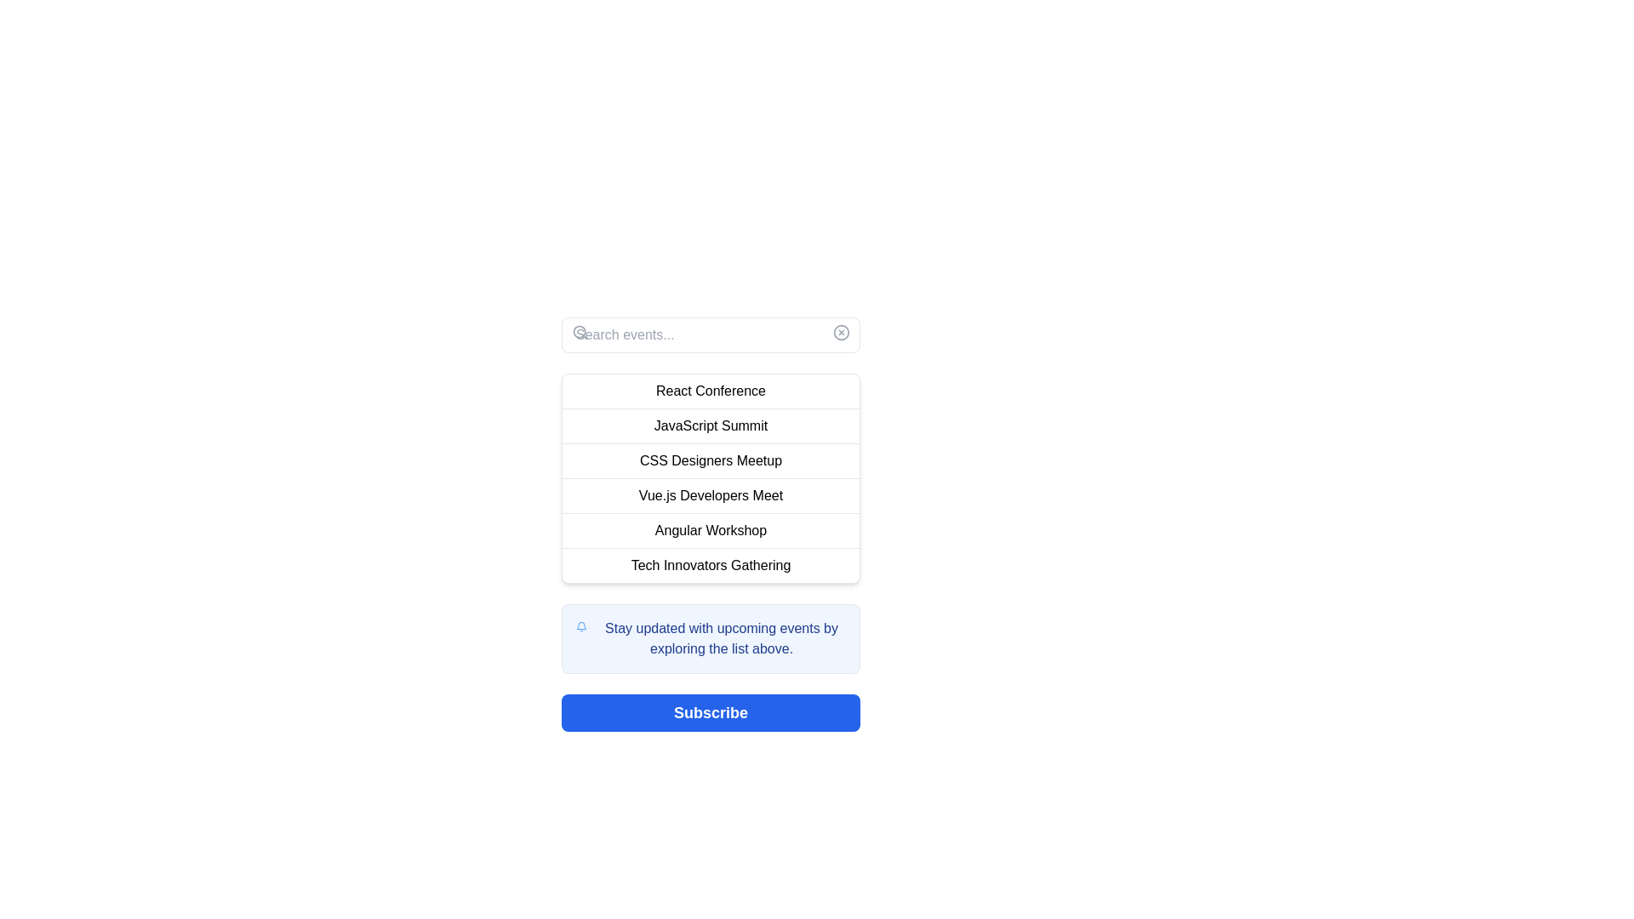 This screenshot has height=919, width=1634. Describe the element at coordinates (711, 565) in the screenshot. I see `the text label titled 'Tech Innovators Gathering', which is the last item in a vertical list, positioned below 'Angular Workshop'` at that location.